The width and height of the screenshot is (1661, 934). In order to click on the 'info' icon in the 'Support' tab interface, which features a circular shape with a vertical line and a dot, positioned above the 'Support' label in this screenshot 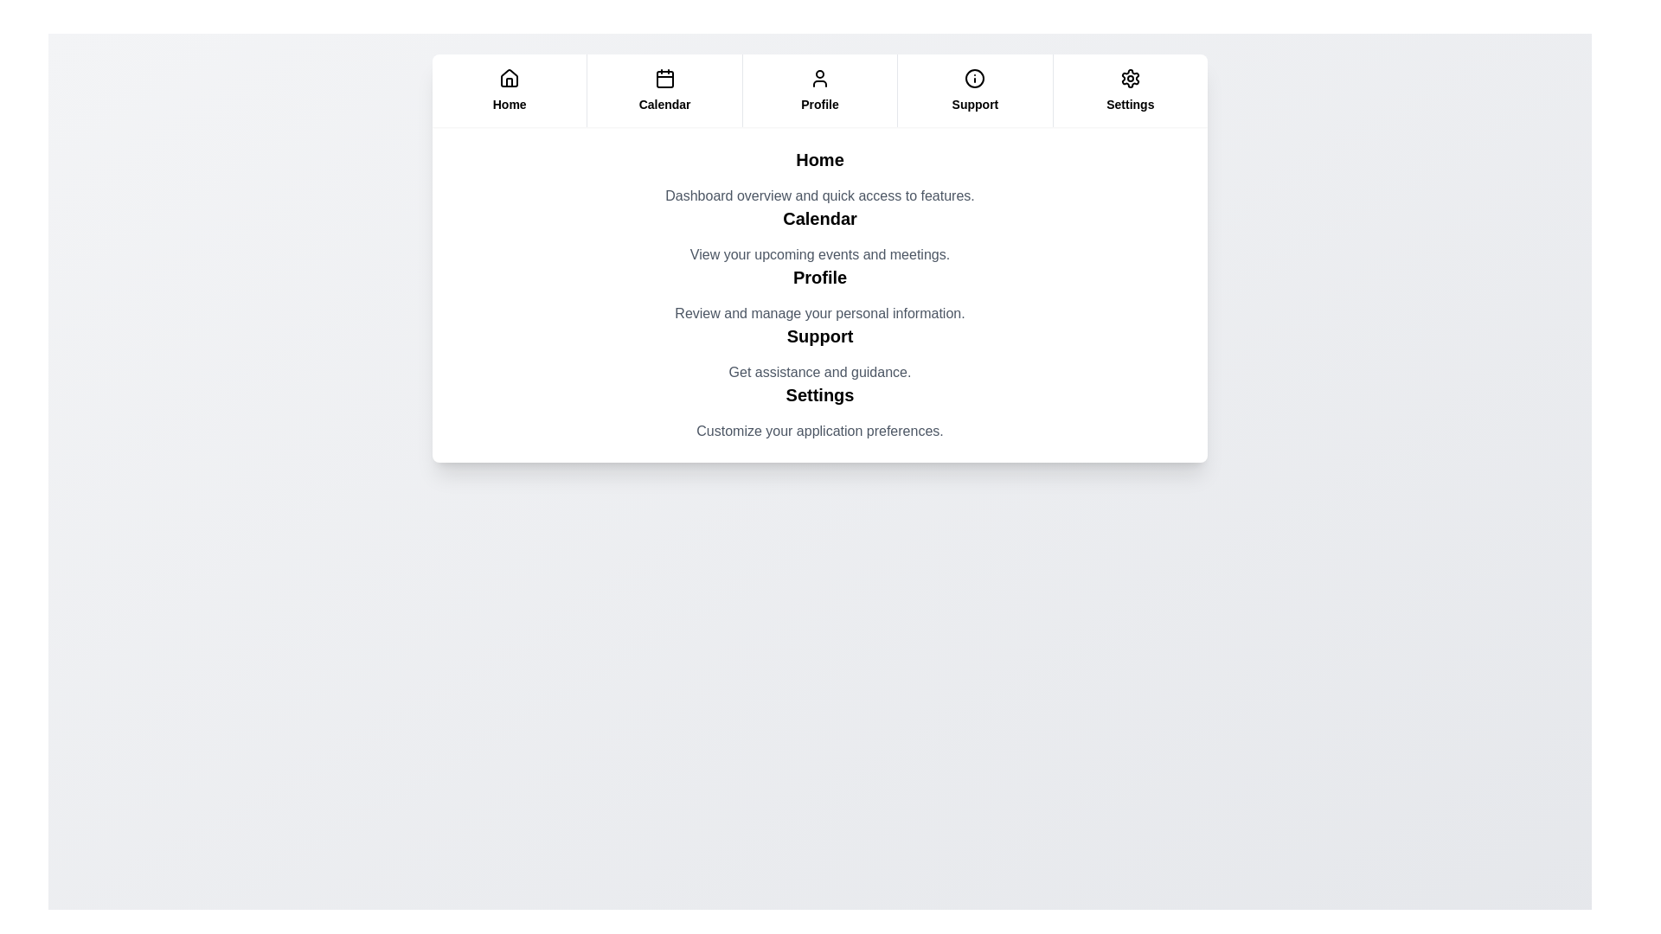, I will do `click(975, 79)`.